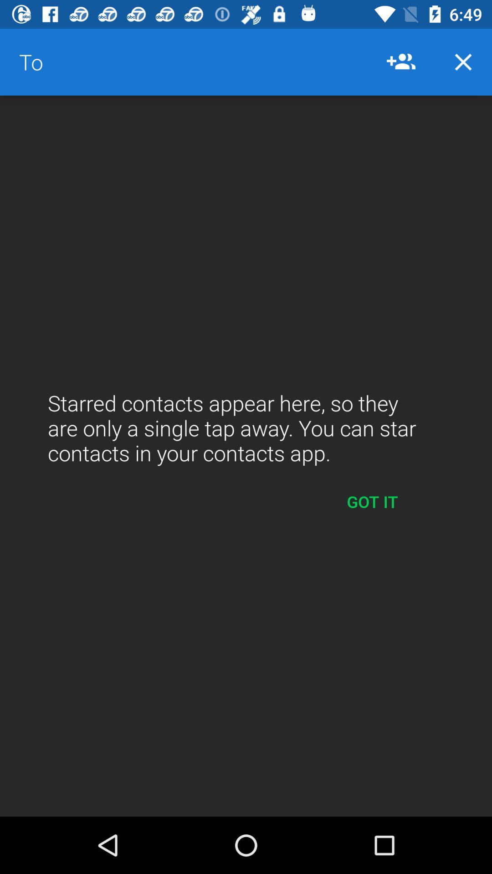 This screenshot has height=874, width=492. What do you see at coordinates (405, 61) in the screenshot?
I see `the follow icon` at bounding box center [405, 61].